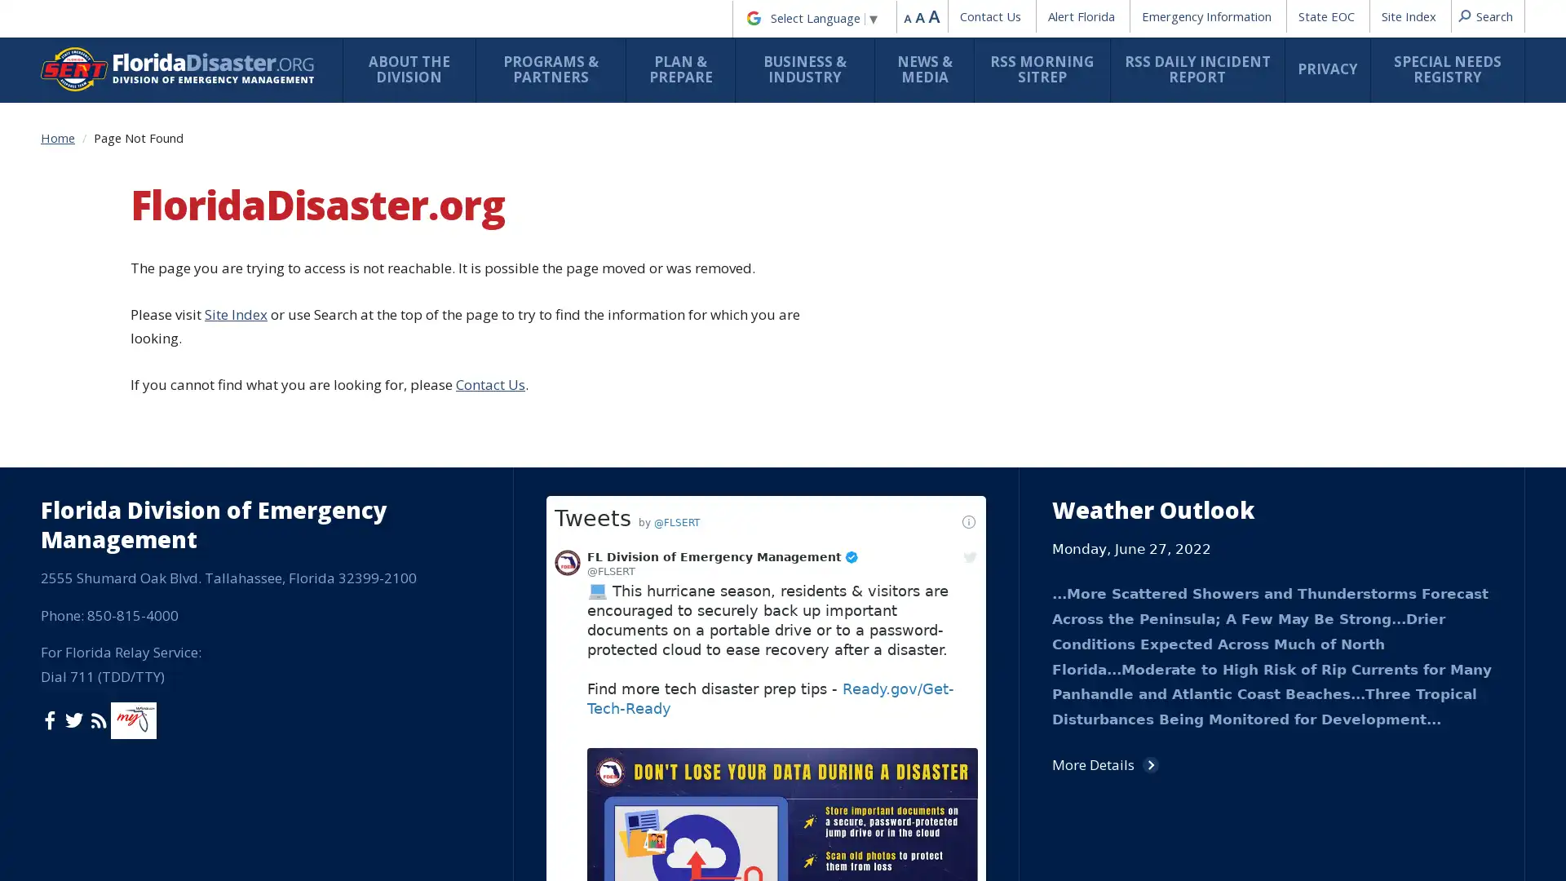 The height and width of the screenshot is (881, 1566). What do you see at coordinates (489, 410) in the screenshot?
I see `Toggle More` at bounding box center [489, 410].